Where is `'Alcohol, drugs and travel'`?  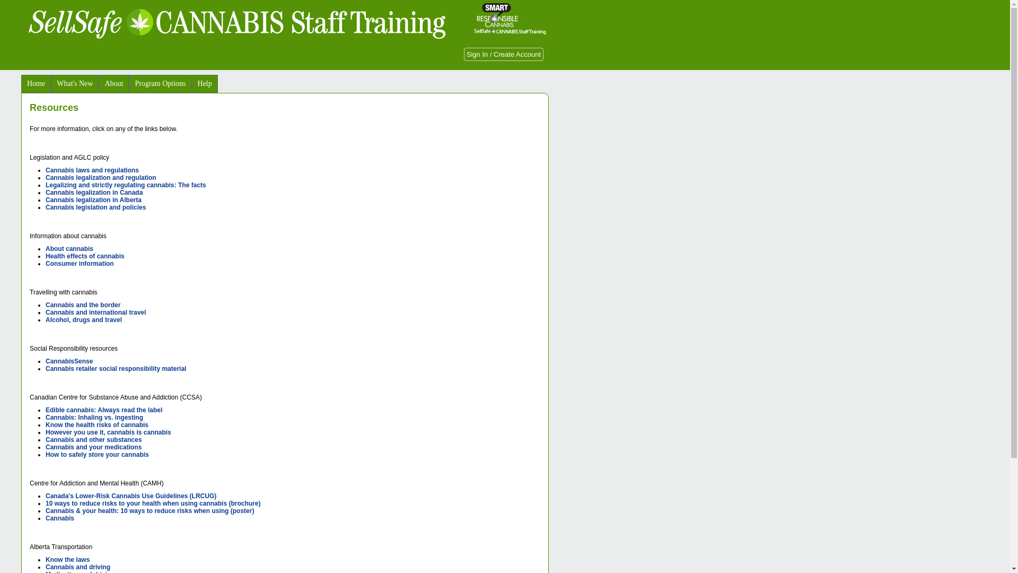
'Alcohol, drugs and travel' is located at coordinates (83, 319).